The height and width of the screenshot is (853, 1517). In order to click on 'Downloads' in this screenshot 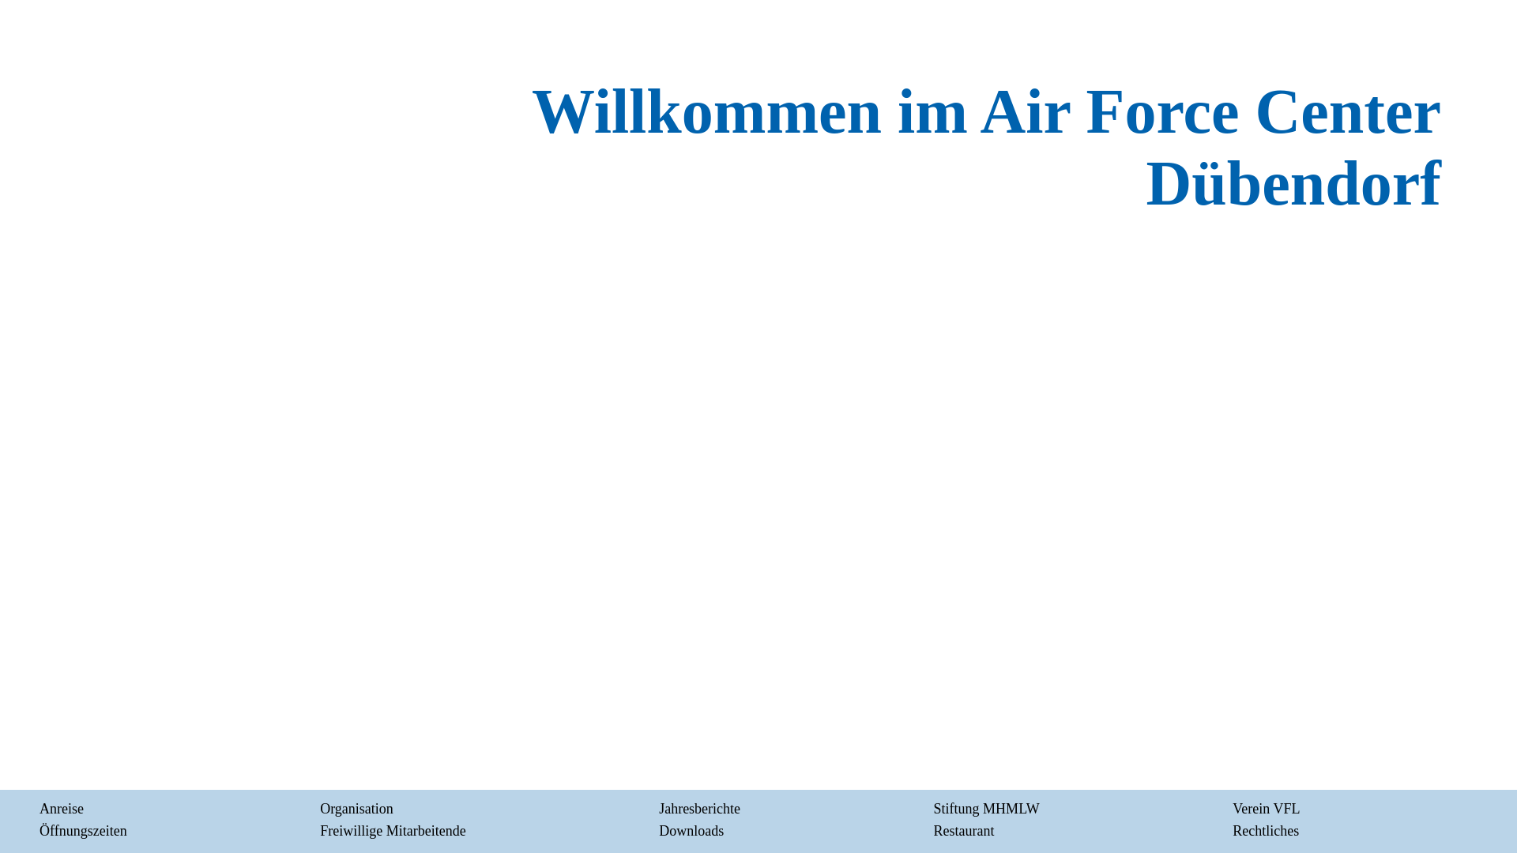, I will do `click(691, 830)`.